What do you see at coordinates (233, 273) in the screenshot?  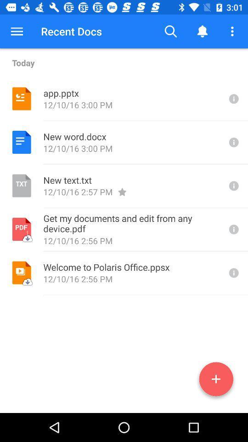 I see `displays more information` at bounding box center [233, 273].